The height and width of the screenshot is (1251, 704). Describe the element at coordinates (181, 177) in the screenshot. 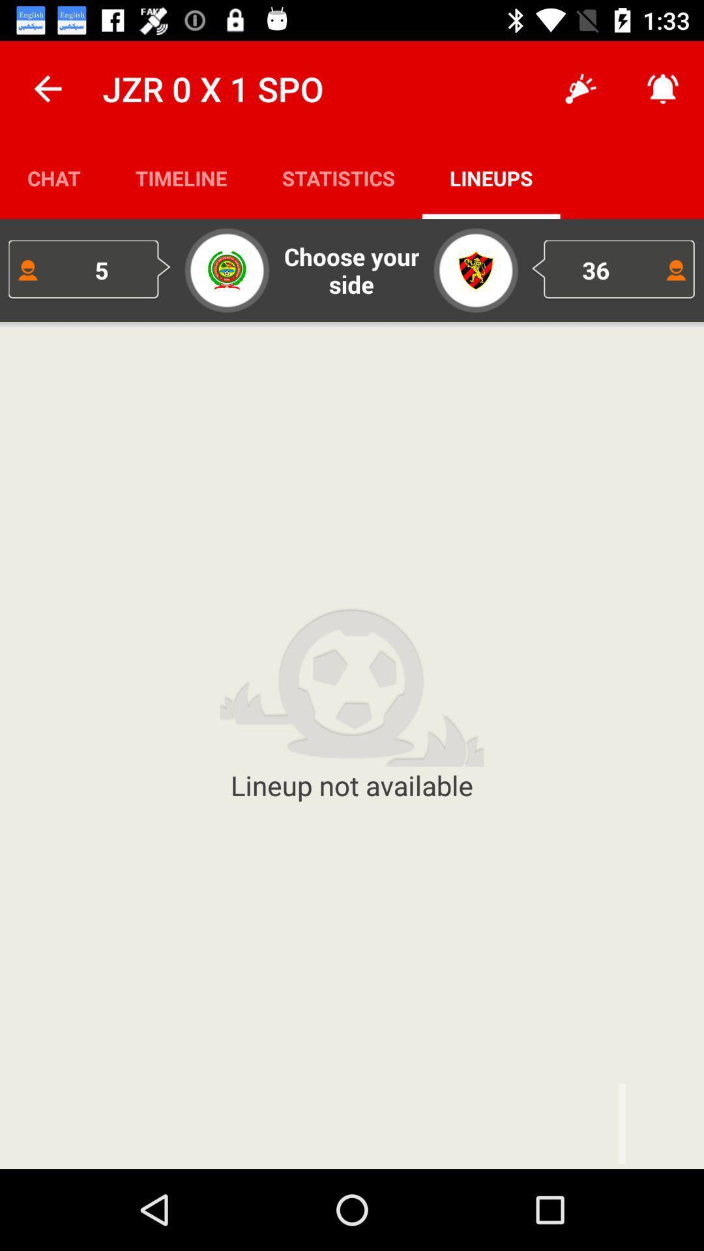

I see `item next to the chat` at that location.